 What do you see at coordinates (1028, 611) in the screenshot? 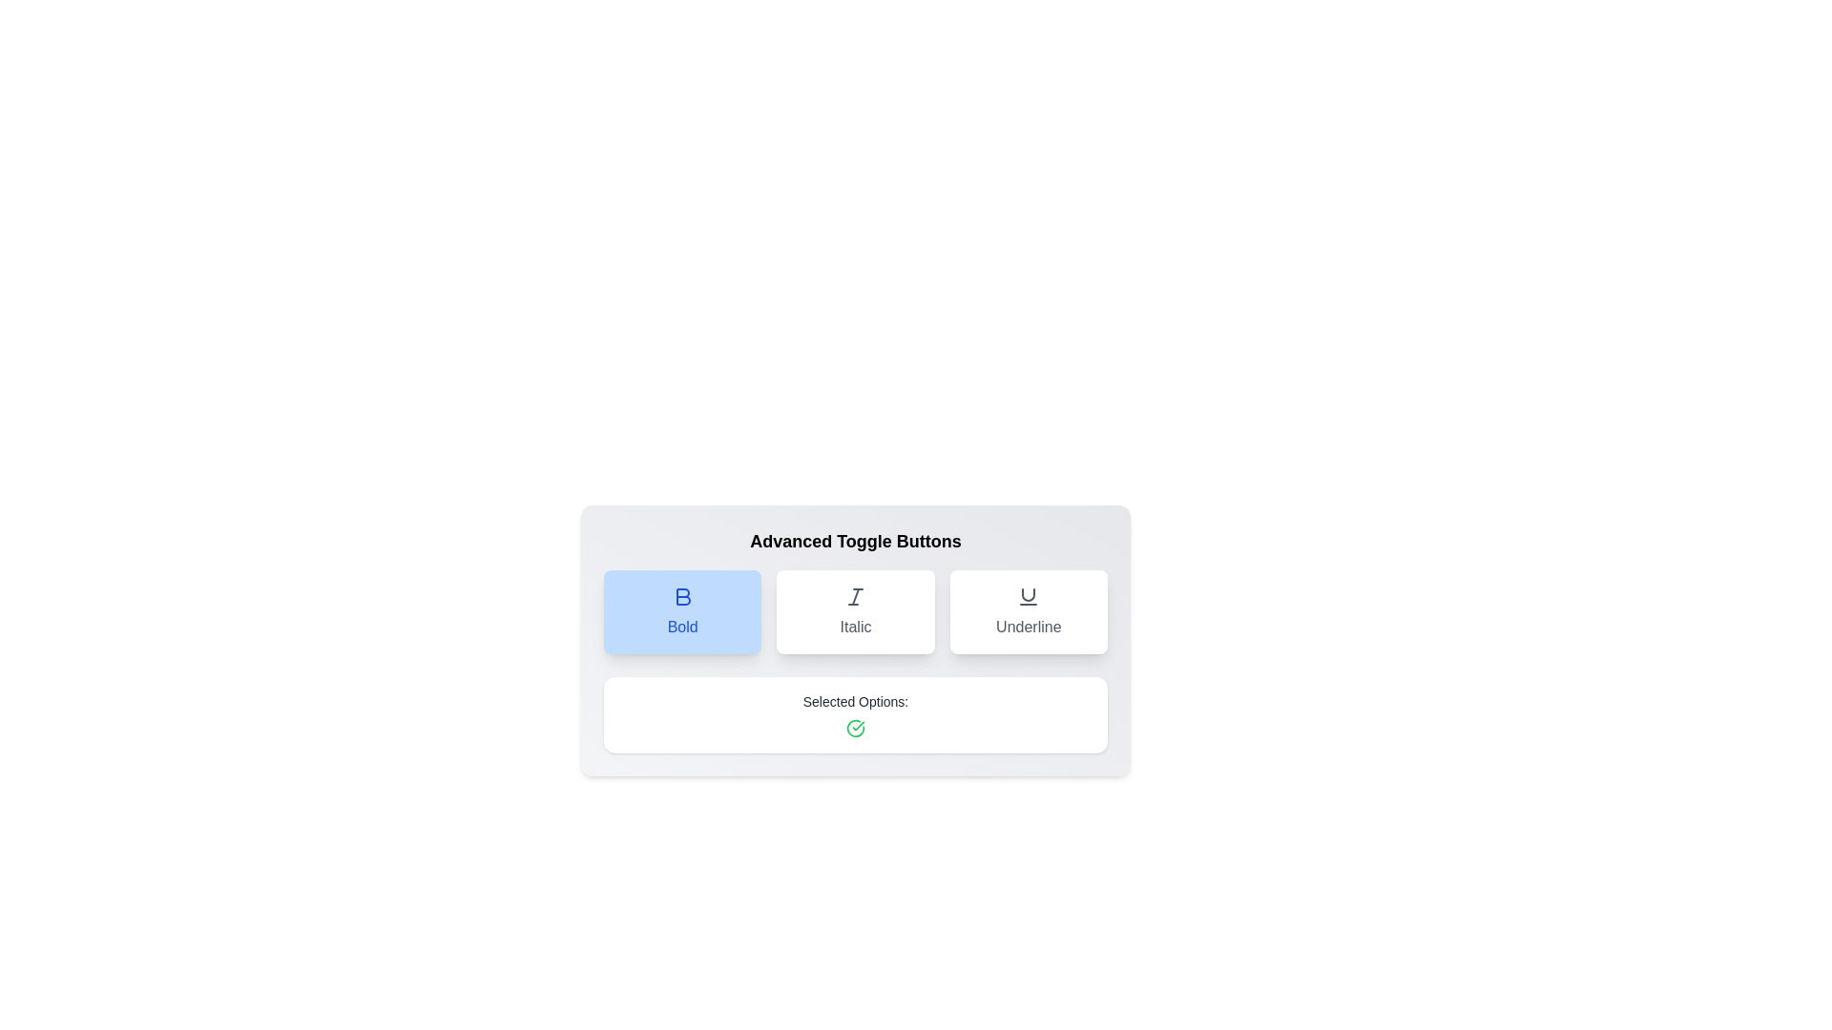
I see `the button labeled Underline to observe the hover effect` at bounding box center [1028, 611].